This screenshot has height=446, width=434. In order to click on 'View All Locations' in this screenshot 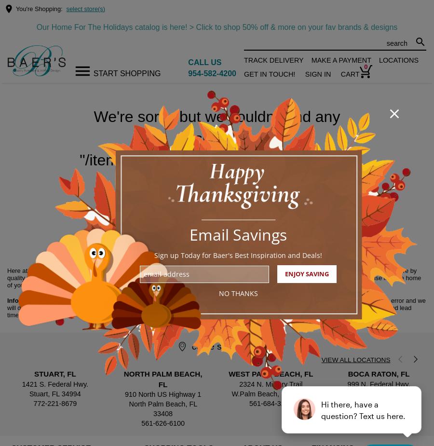, I will do `click(355, 360)`.